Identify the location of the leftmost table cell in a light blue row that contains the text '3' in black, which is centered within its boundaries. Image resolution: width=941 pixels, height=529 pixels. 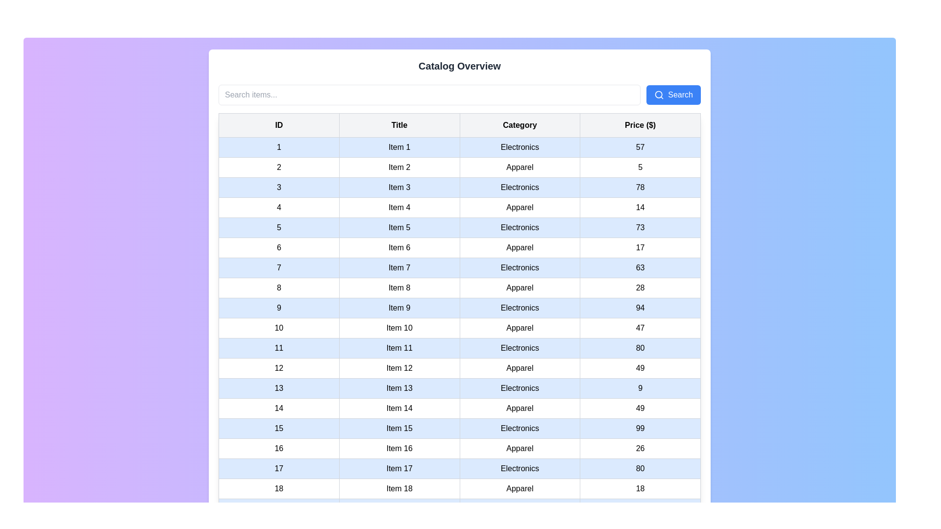
(278, 187).